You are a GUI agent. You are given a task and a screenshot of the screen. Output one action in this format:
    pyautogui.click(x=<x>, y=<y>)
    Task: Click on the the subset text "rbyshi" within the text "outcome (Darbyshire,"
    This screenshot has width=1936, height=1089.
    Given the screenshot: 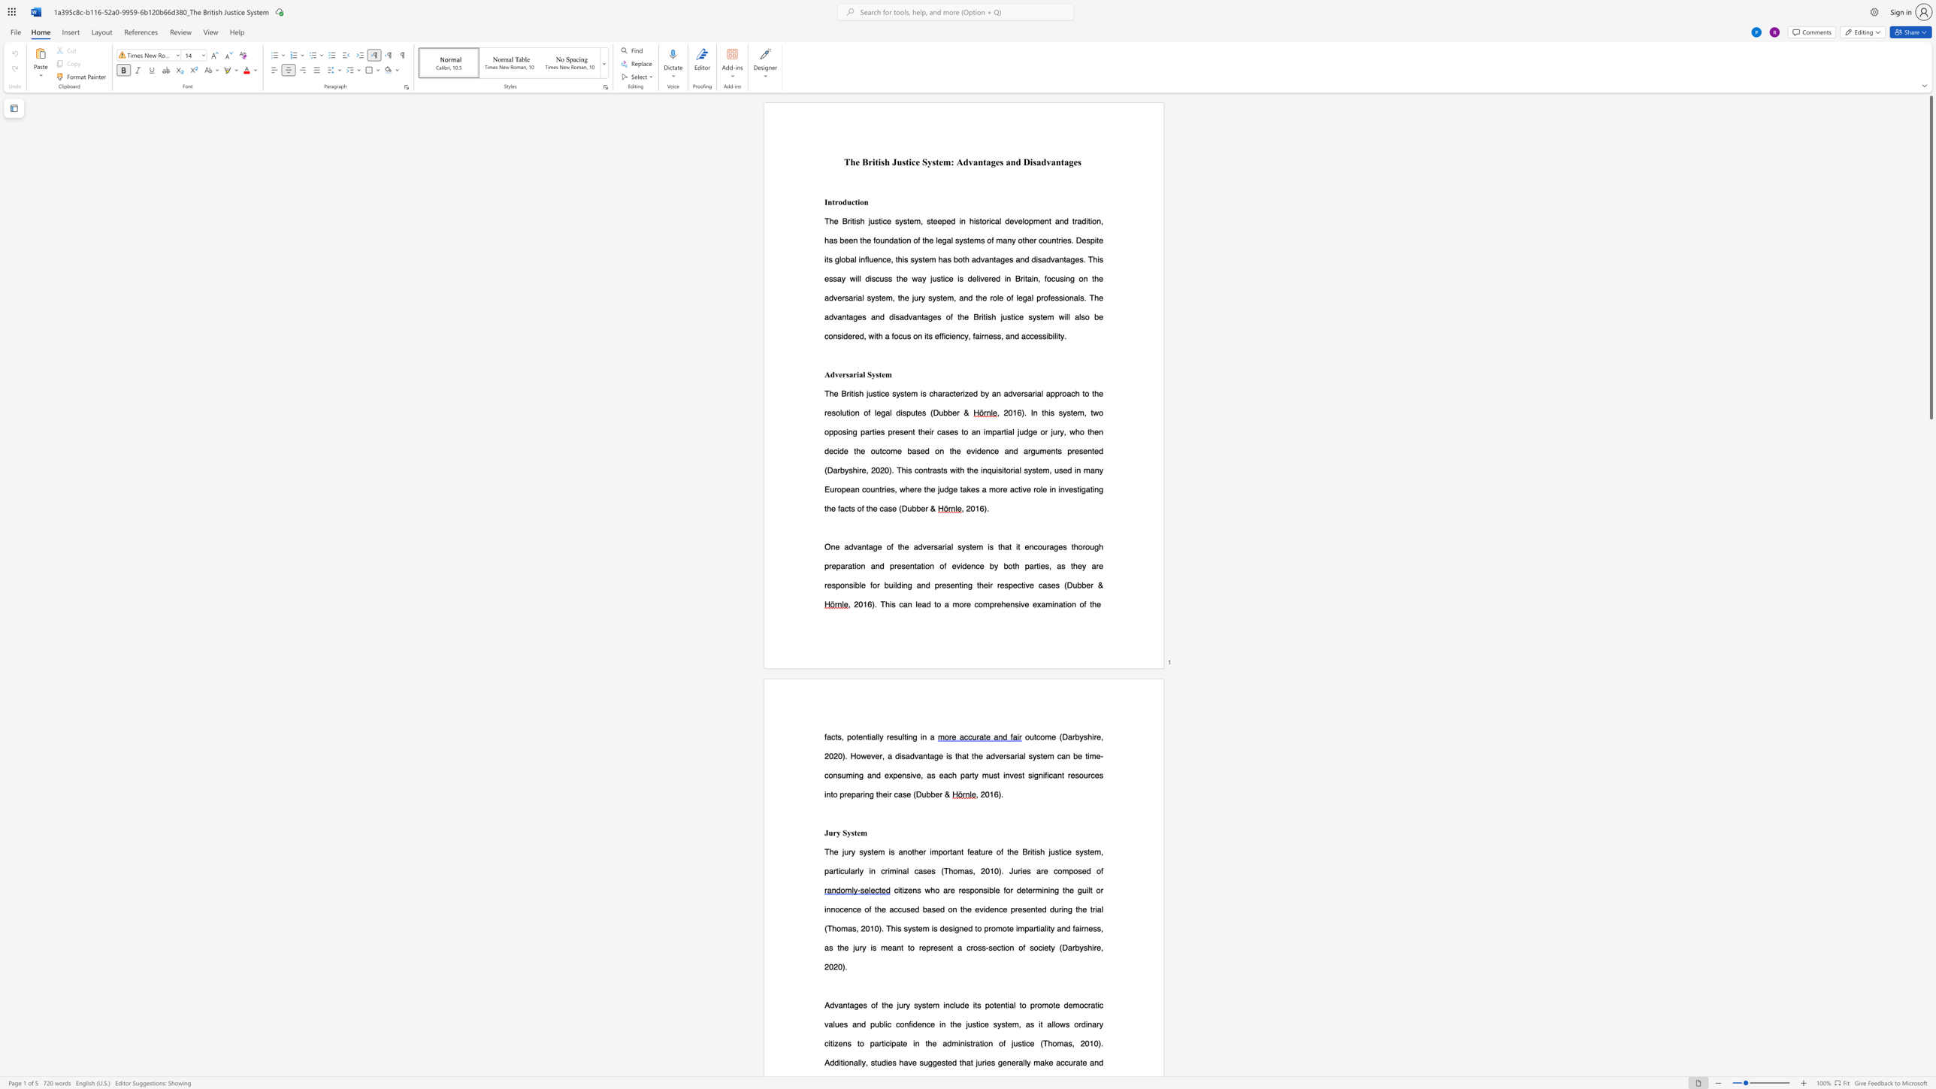 What is the action you would take?
    pyautogui.click(x=1072, y=736)
    